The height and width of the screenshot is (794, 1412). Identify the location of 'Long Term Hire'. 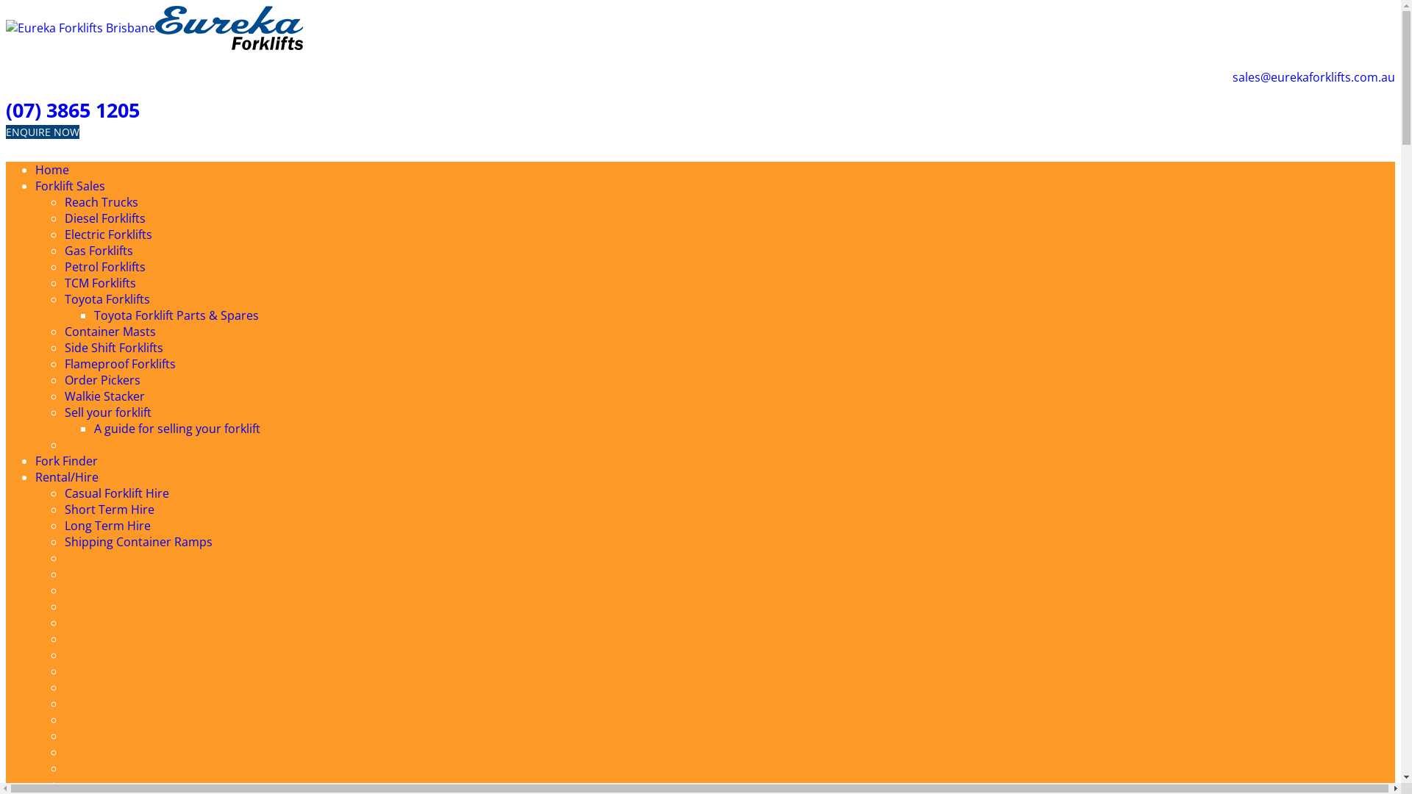
(63, 524).